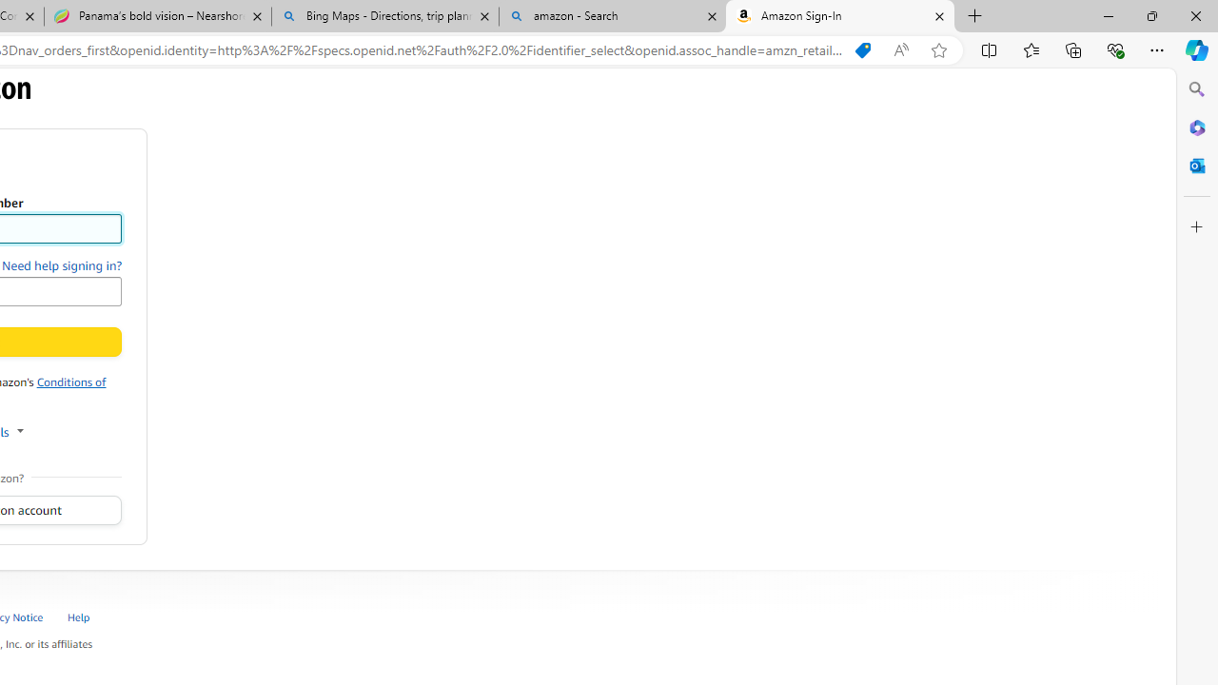  I want to click on 'Amazon Sign-In', so click(839, 16).